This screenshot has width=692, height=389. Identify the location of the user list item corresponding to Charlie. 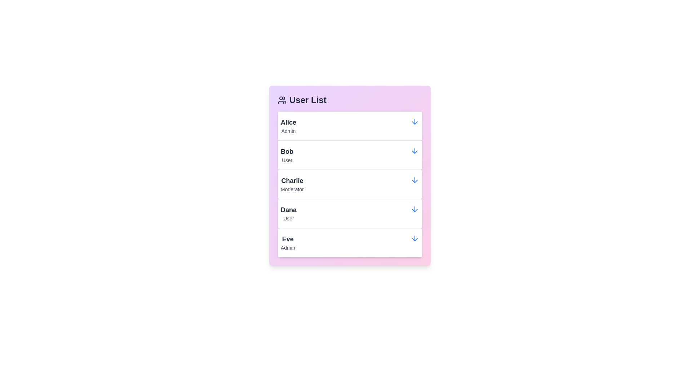
(350, 183).